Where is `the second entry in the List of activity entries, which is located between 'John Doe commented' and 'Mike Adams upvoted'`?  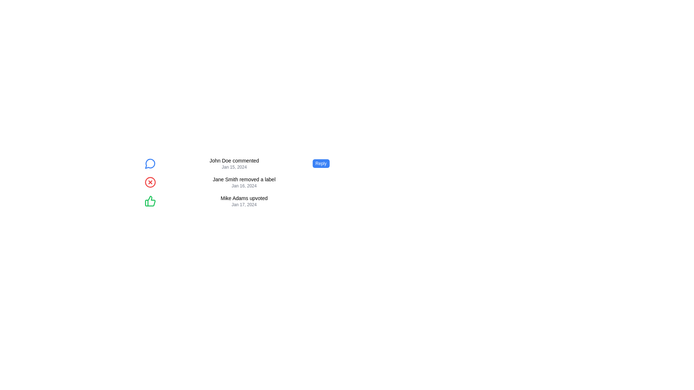
the second entry in the List of activity entries, which is located between 'John Doe commented' and 'Mike Adams upvoted' is located at coordinates (237, 182).